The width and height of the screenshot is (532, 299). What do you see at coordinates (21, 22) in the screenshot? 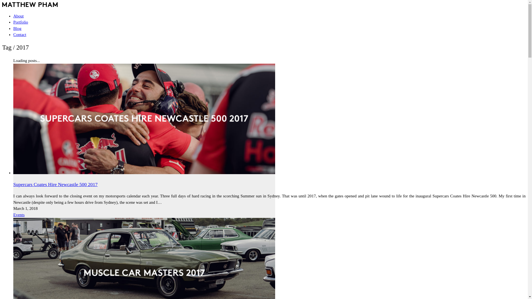
I see `'Portfolio'` at bounding box center [21, 22].